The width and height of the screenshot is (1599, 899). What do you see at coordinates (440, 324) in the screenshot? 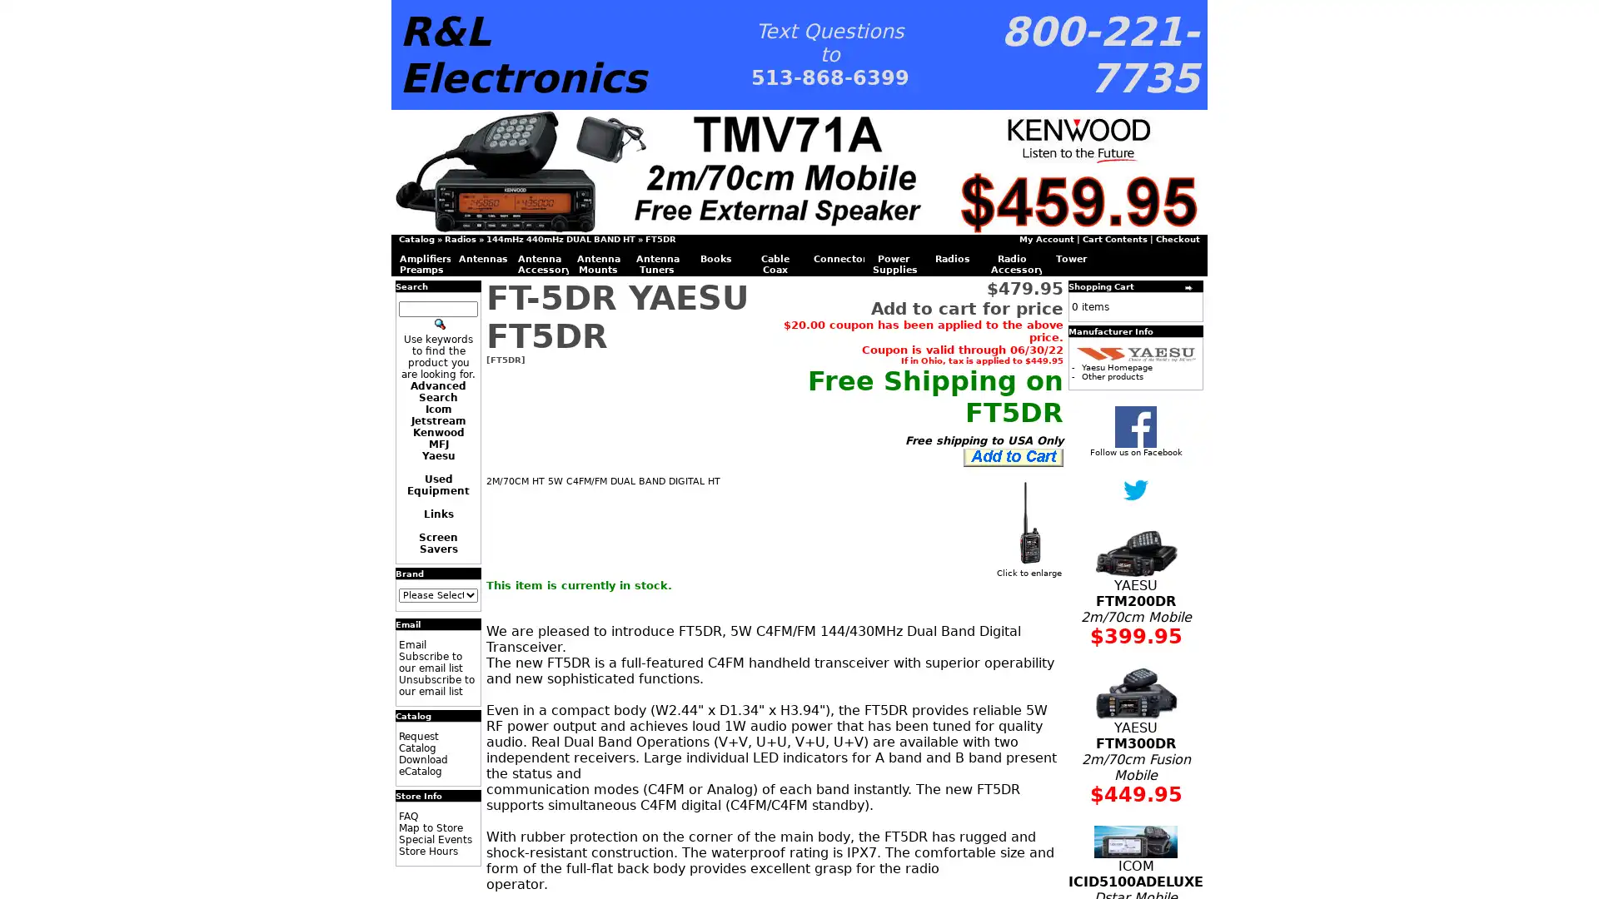
I see `Search` at bounding box center [440, 324].